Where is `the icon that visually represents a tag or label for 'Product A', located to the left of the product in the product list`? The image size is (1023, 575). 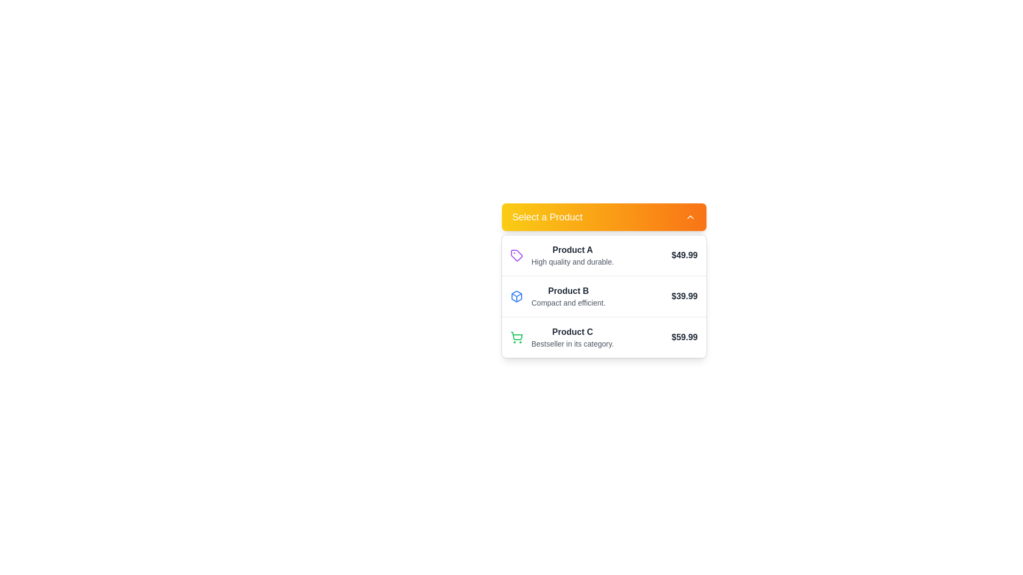 the icon that visually represents a tag or label for 'Product A', located to the left of the product in the product list is located at coordinates (516, 255).